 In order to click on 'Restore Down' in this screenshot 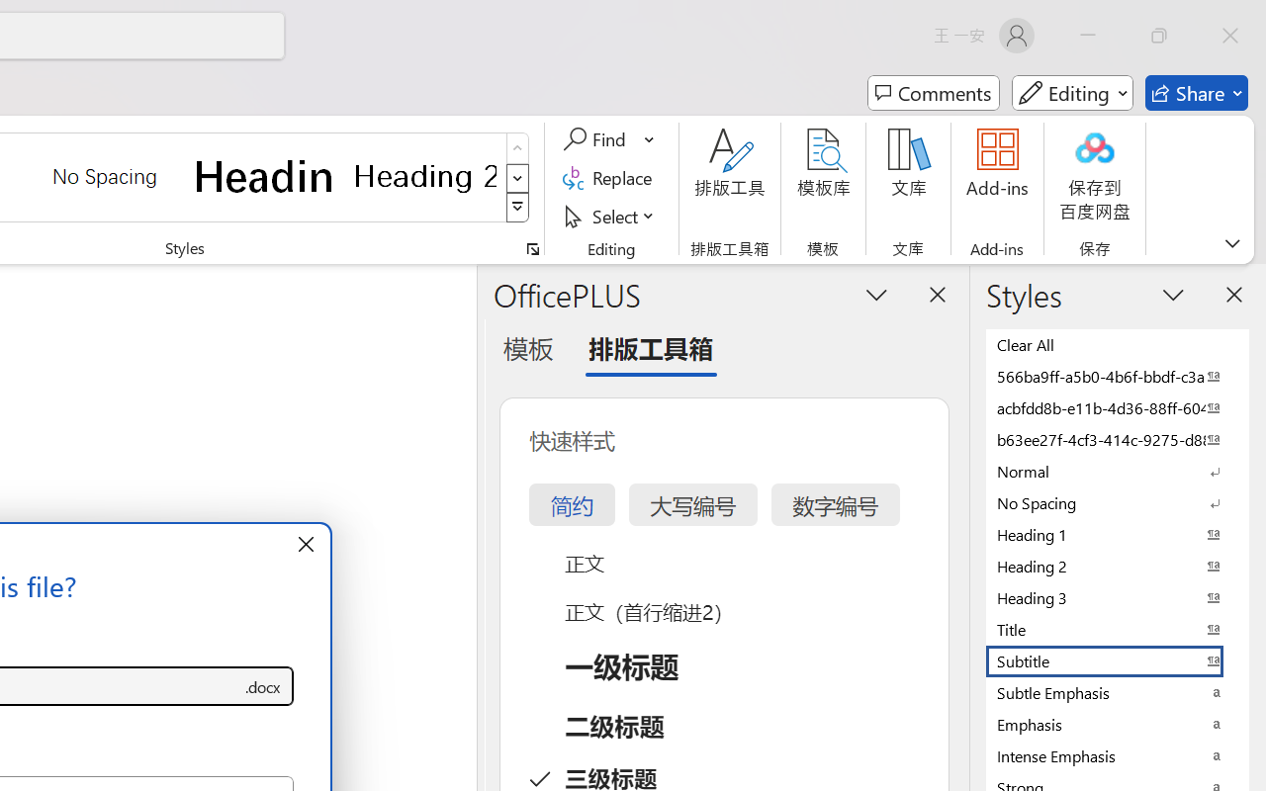, I will do `click(1159, 35)`.